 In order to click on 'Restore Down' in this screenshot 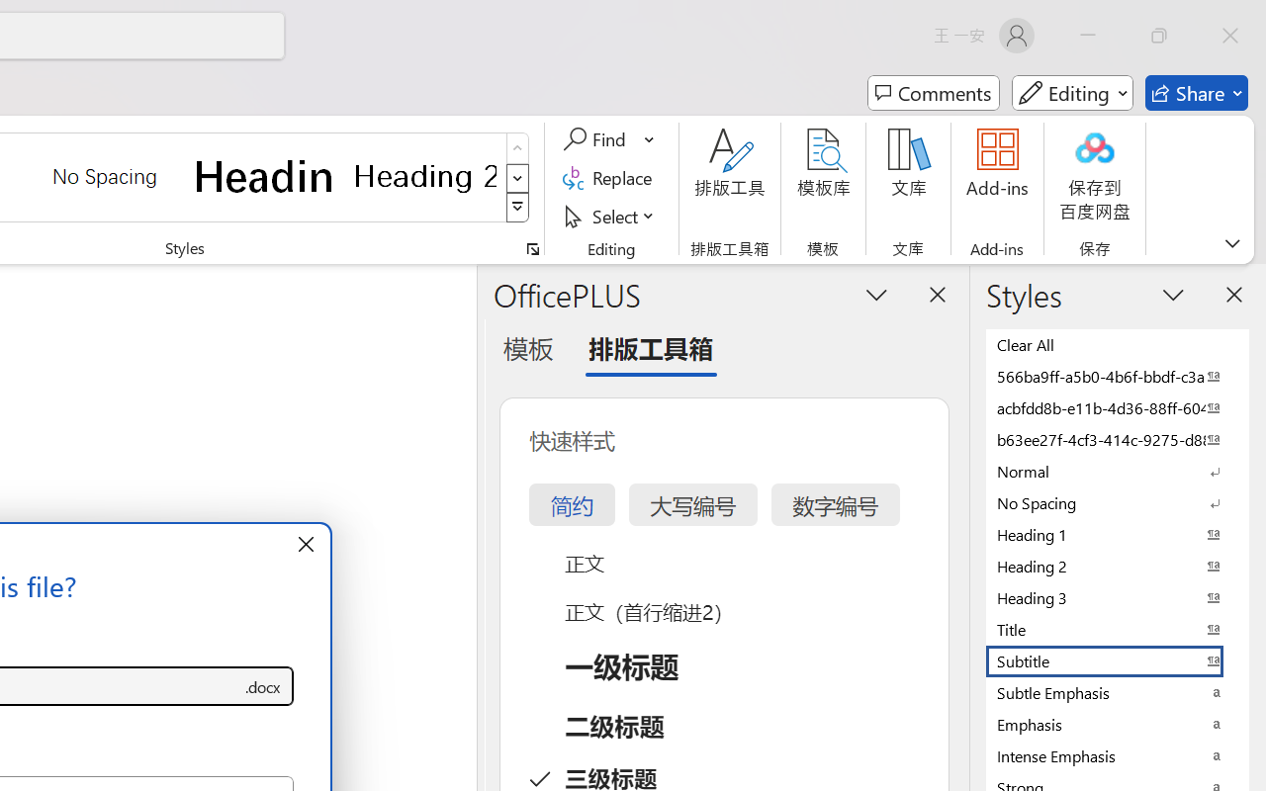, I will do `click(1159, 35)`.